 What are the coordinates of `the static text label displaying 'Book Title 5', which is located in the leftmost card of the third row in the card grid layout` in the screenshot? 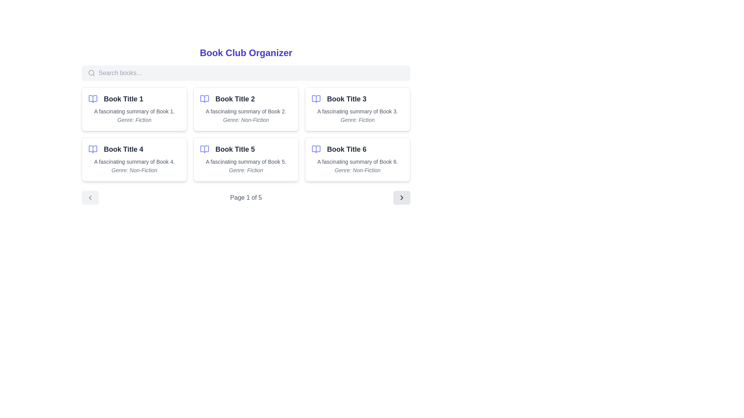 It's located at (234, 149).